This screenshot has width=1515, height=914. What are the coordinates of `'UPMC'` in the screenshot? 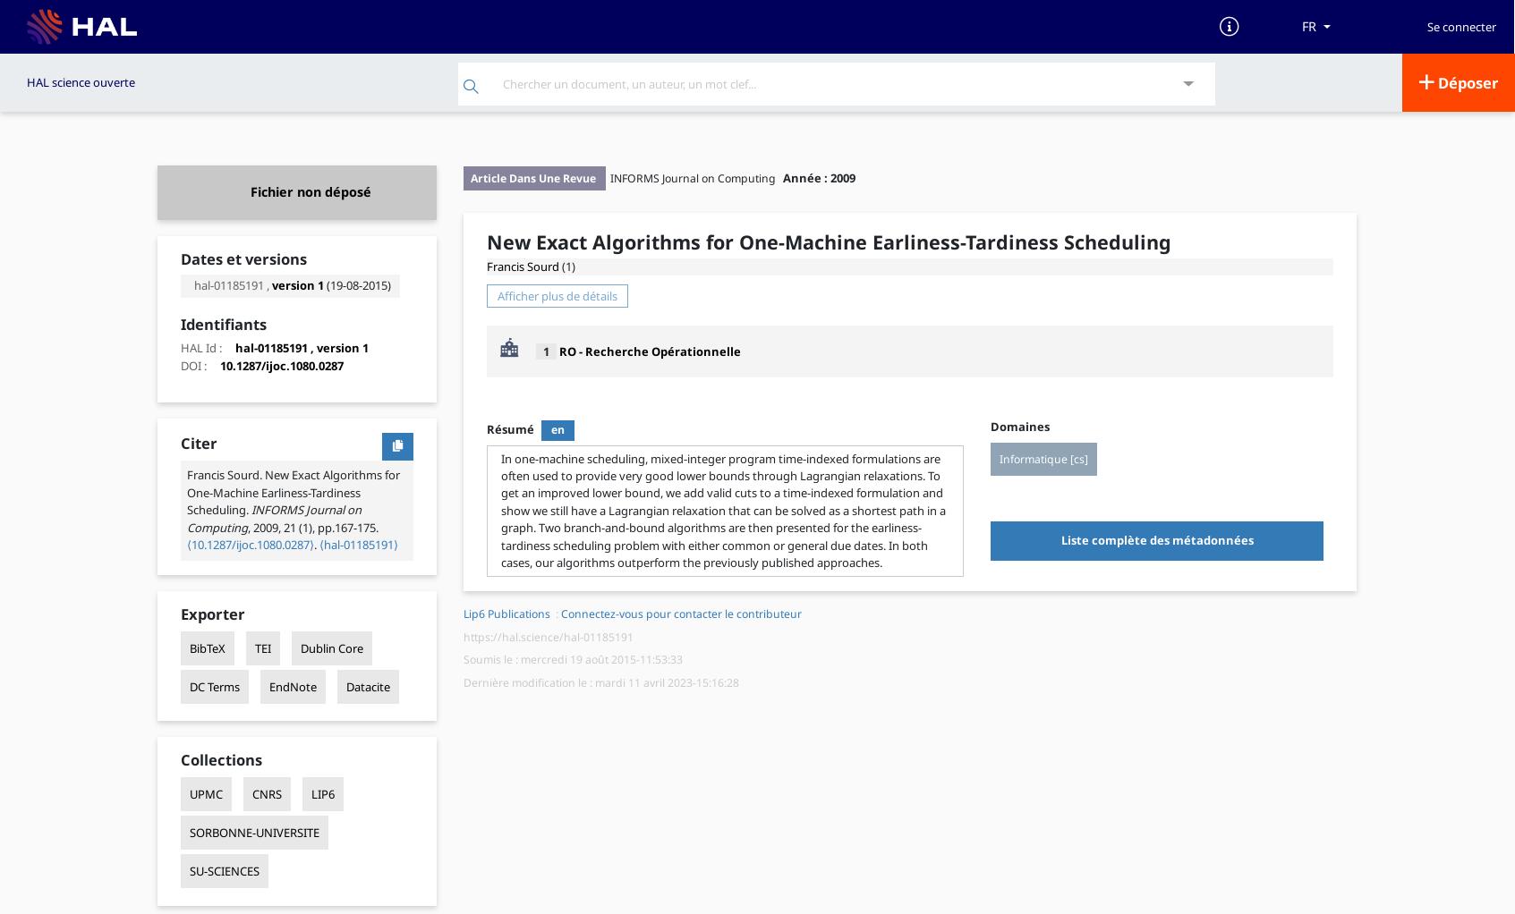 It's located at (205, 793).